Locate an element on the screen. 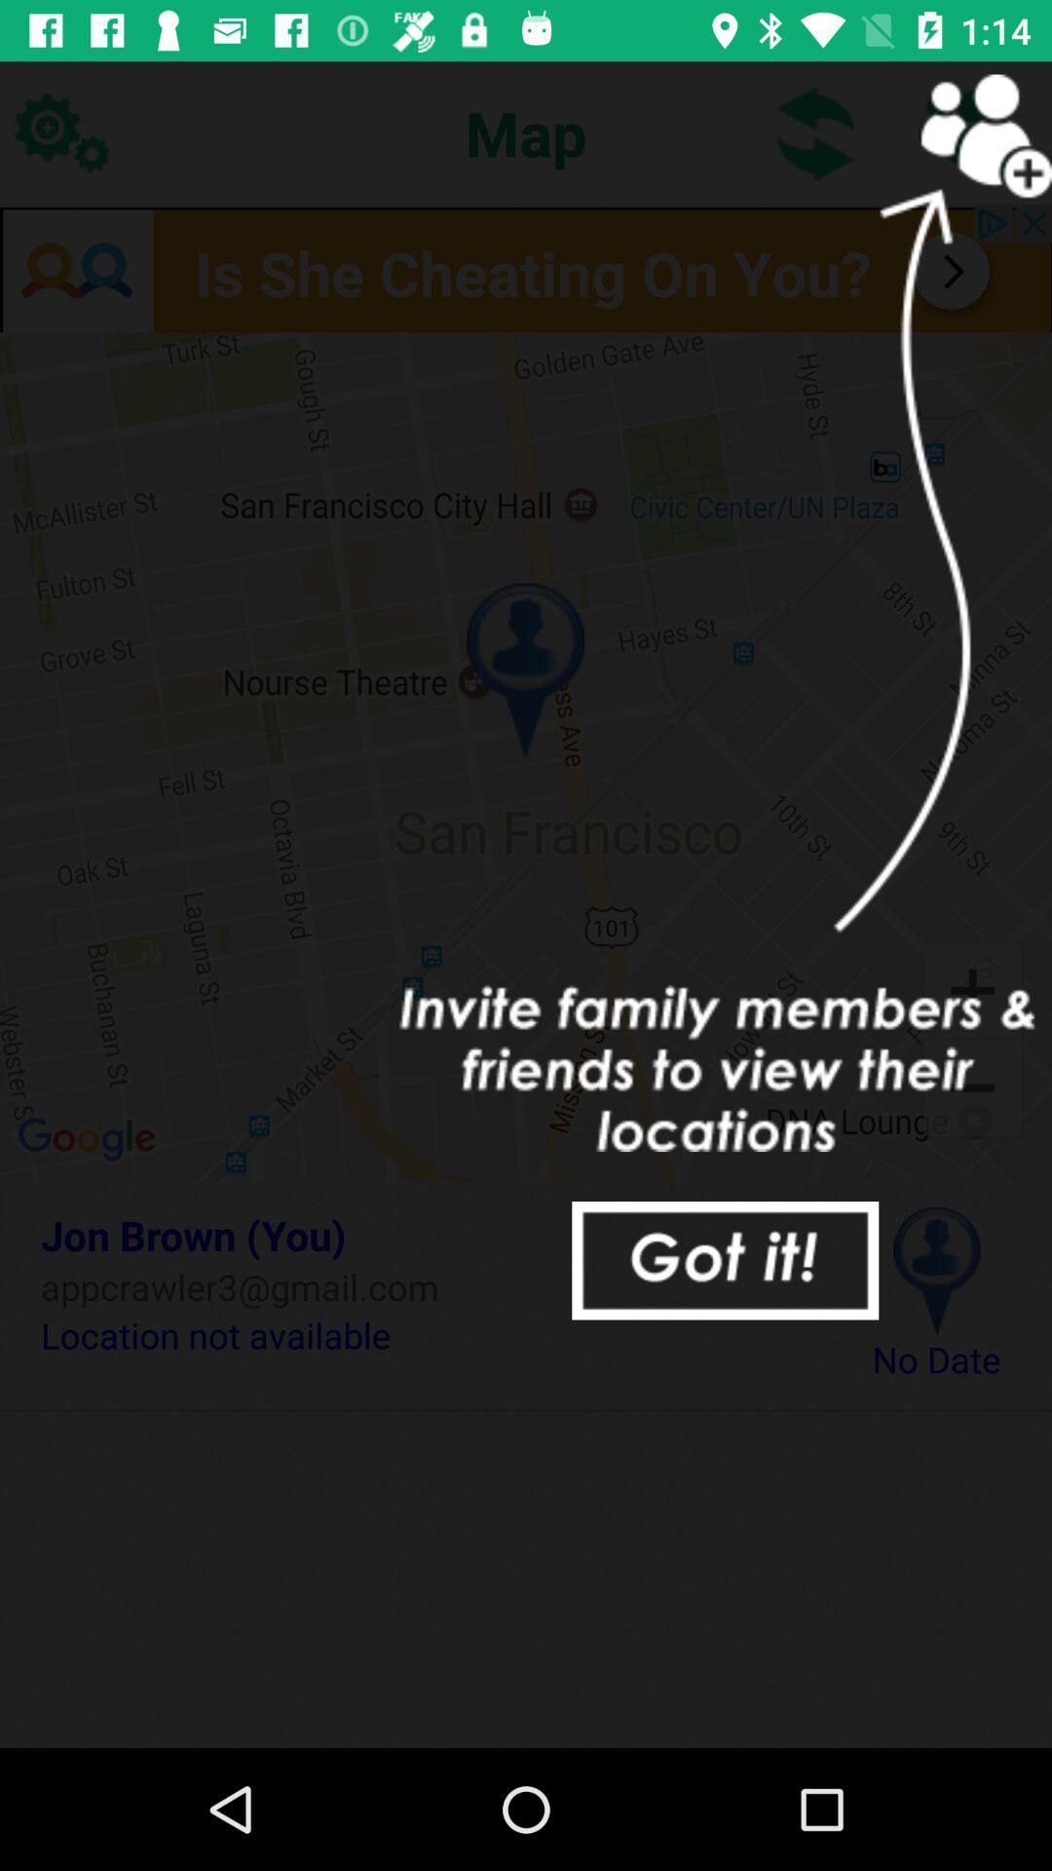 The height and width of the screenshot is (1871, 1052). icon above the no date item is located at coordinates (935, 1271).